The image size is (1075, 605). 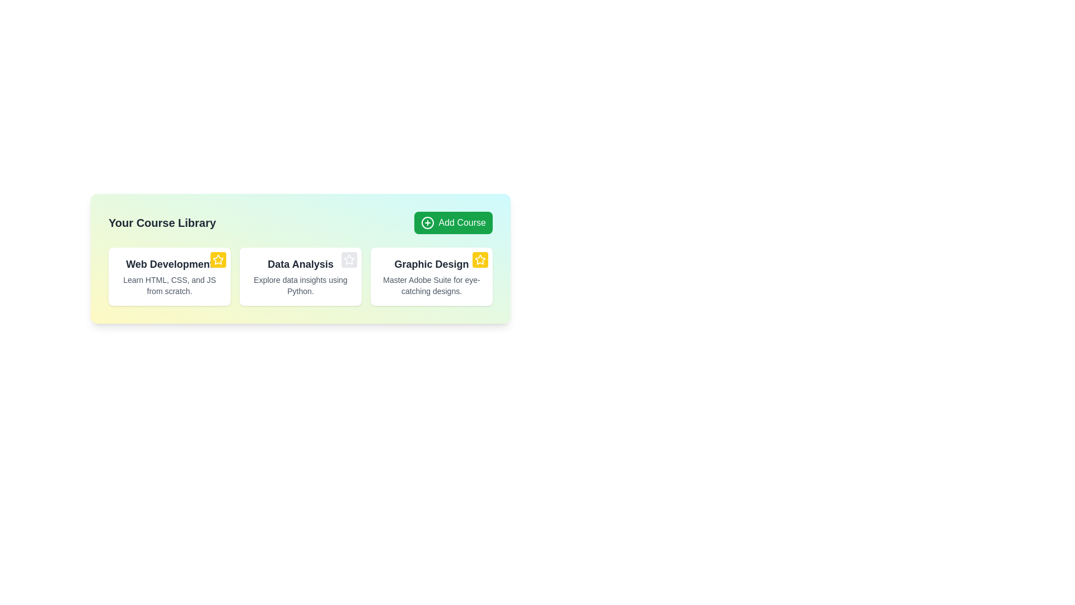 I want to click on the text that provides a brief description of the course content related to web development, located directly underneath the title 'Web Development' in the first card from the left, so click(x=169, y=285).